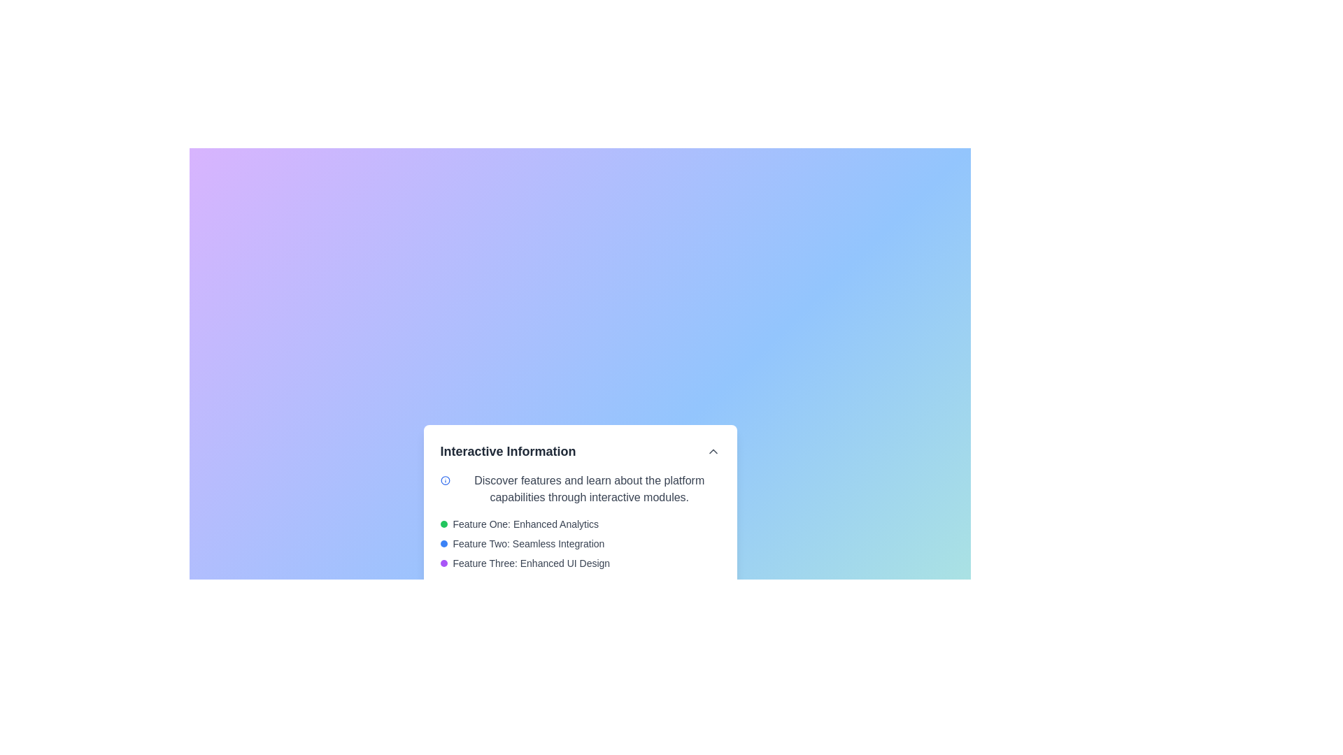  I want to click on the Label with the green circular dot and the text 'Feature One: Enhanced Analytics', which is the first item in a vertical list of features below the 'Interactive Information' title, so click(580, 524).